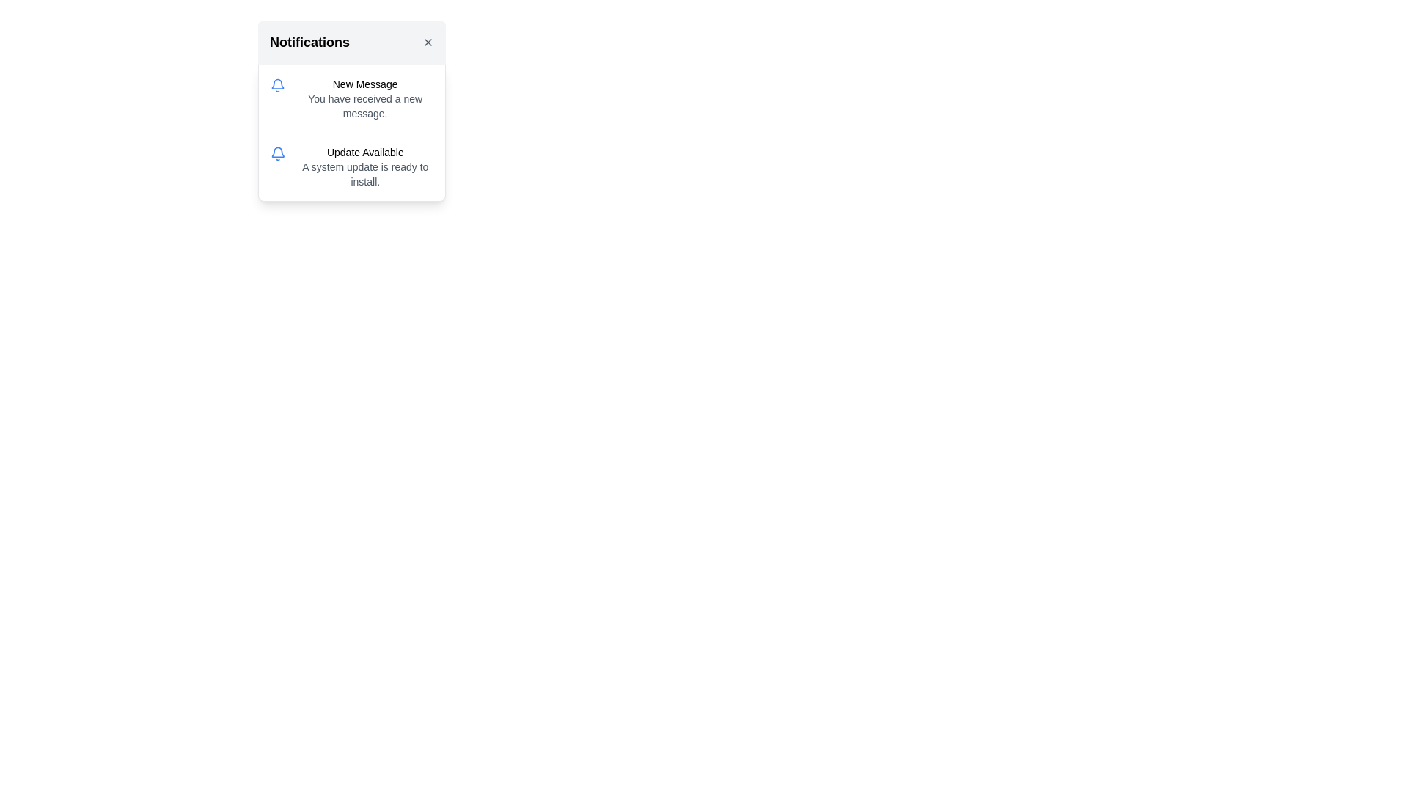 This screenshot has height=792, width=1408. Describe the element at coordinates (365, 166) in the screenshot. I see `the text block that displays the title 'Update Available' and the descriptive text 'A system update is ready to install.' located in the second notification block of the notification dropdown` at that location.